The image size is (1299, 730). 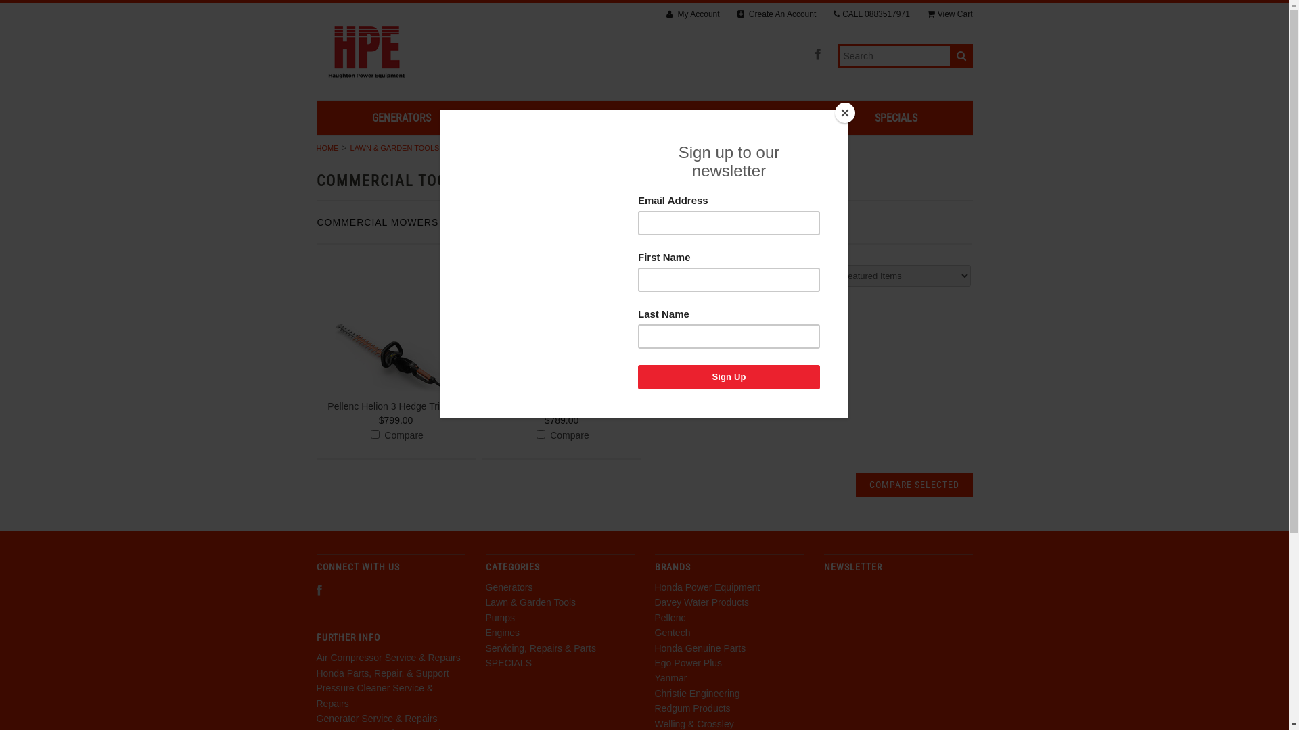 What do you see at coordinates (395, 406) in the screenshot?
I see `'Pellenc Helion 3 Hedge Trimmer'` at bounding box center [395, 406].